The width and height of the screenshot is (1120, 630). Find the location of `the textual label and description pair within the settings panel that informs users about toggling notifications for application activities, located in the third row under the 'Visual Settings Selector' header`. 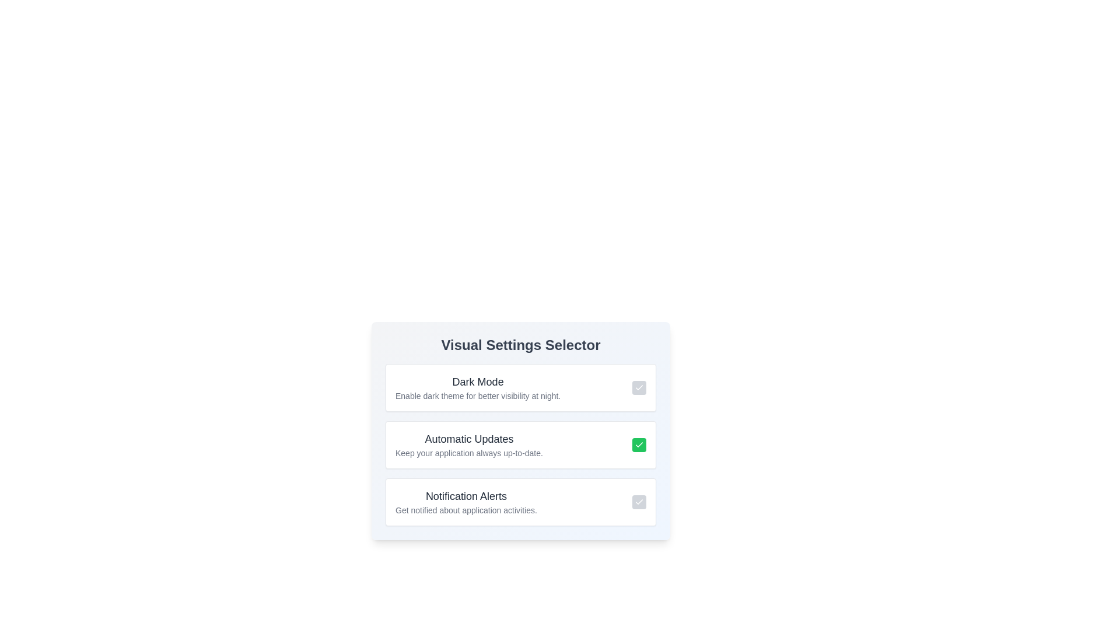

the textual label and description pair within the settings panel that informs users about toggling notifications for application activities, located in the third row under the 'Visual Settings Selector' header is located at coordinates (466, 501).